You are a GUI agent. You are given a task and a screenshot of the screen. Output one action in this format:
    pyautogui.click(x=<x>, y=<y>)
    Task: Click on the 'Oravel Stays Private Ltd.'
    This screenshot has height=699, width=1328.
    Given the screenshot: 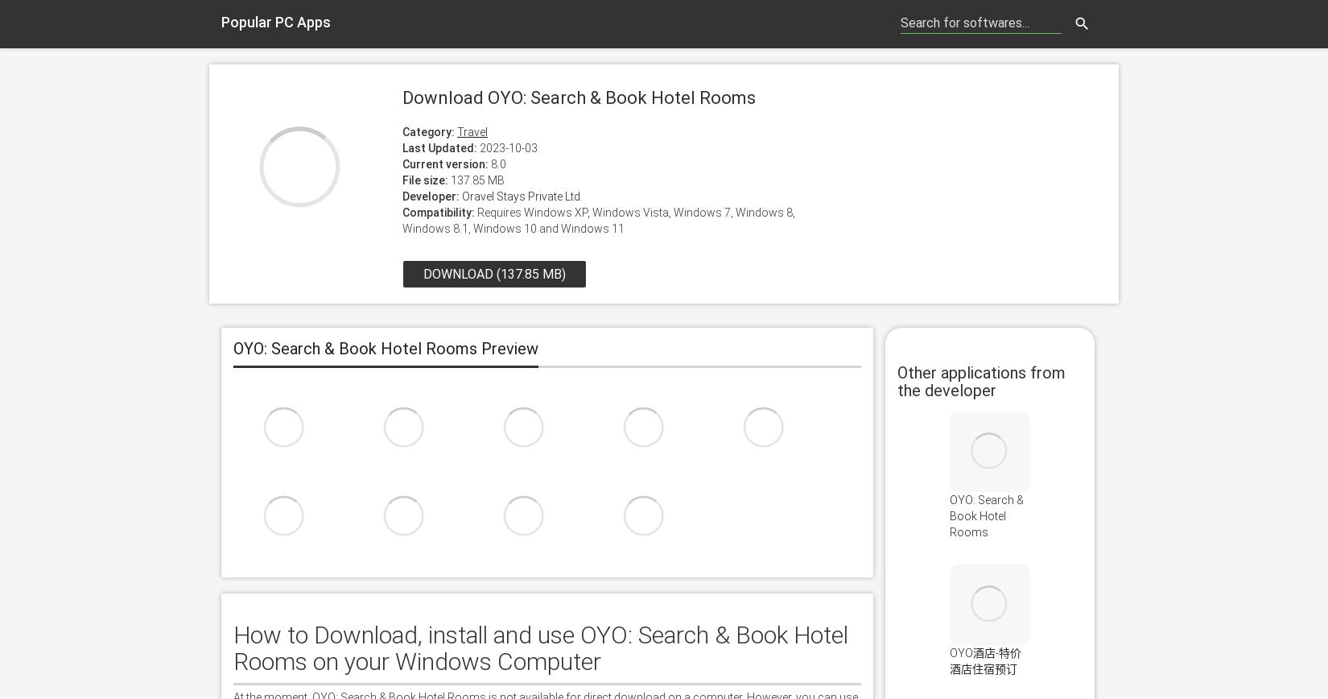 What is the action you would take?
    pyautogui.click(x=521, y=195)
    